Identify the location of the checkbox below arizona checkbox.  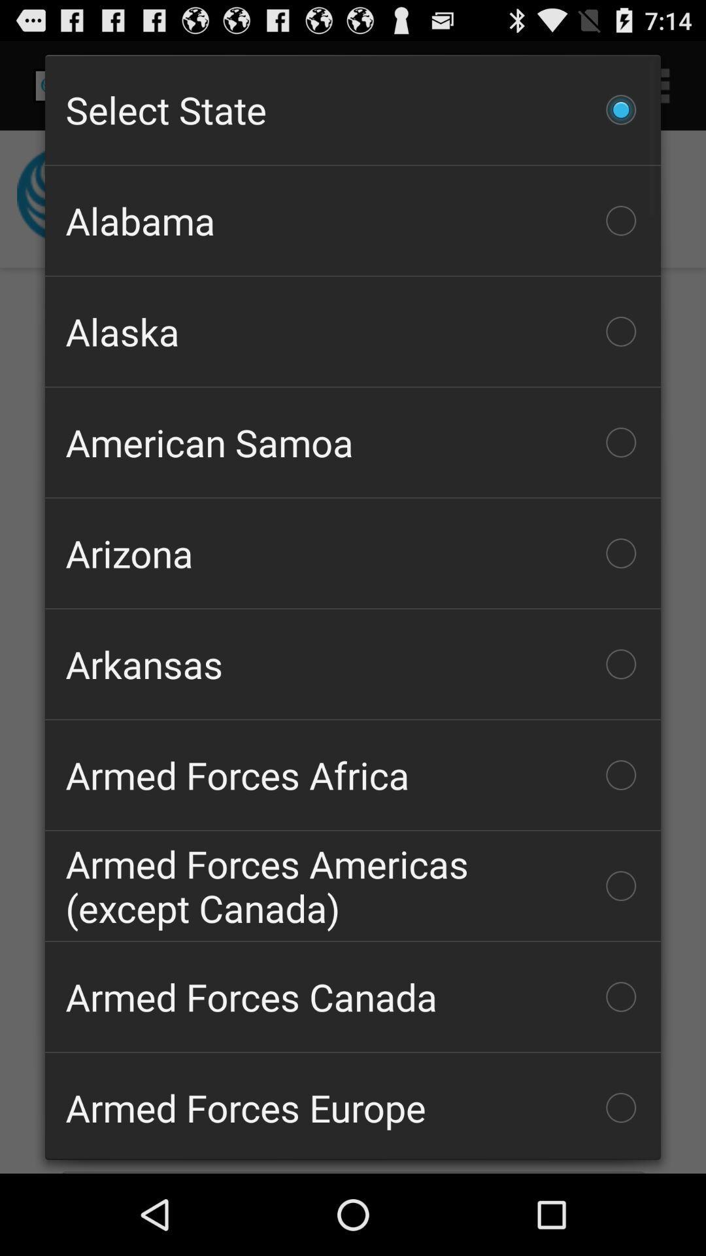
(353, 664).